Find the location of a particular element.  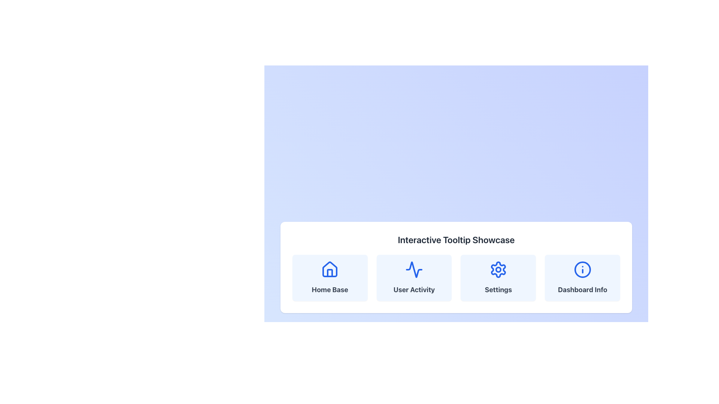

the informational help icon located in the last card of the 'Interactive Tooltip Showcase' section is located at coordinates (582, 270).